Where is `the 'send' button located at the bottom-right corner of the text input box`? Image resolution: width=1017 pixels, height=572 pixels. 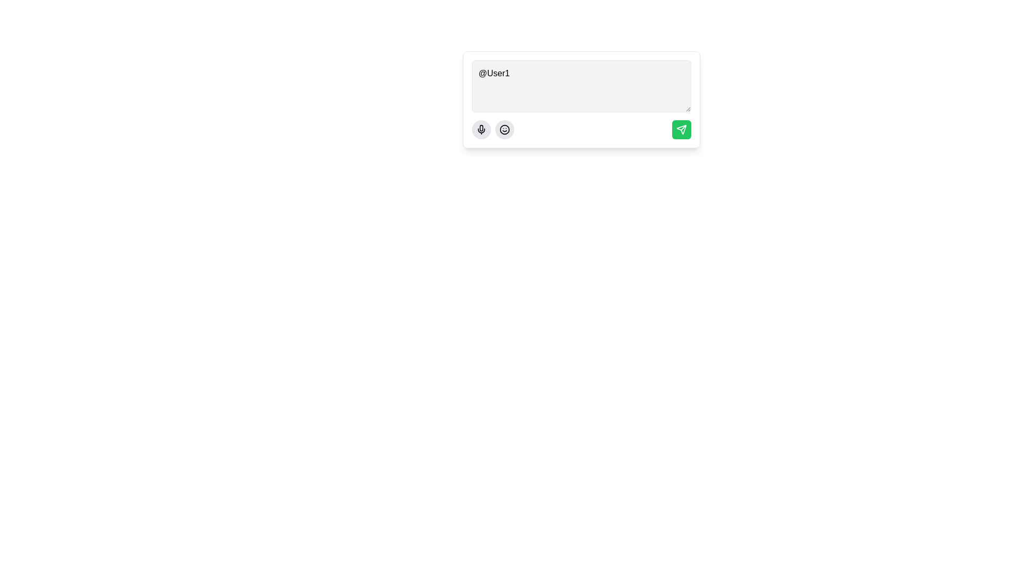
the 'send' button located at the bottom-right corner of the text input box is located at coordinates (681, 129).